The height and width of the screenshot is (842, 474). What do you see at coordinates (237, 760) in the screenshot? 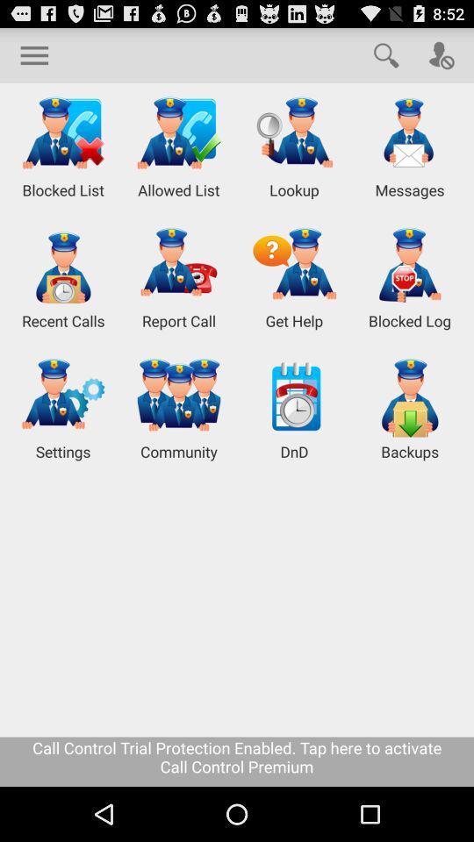
I see `the icon at the bottom` at bounding box center [237, 760].